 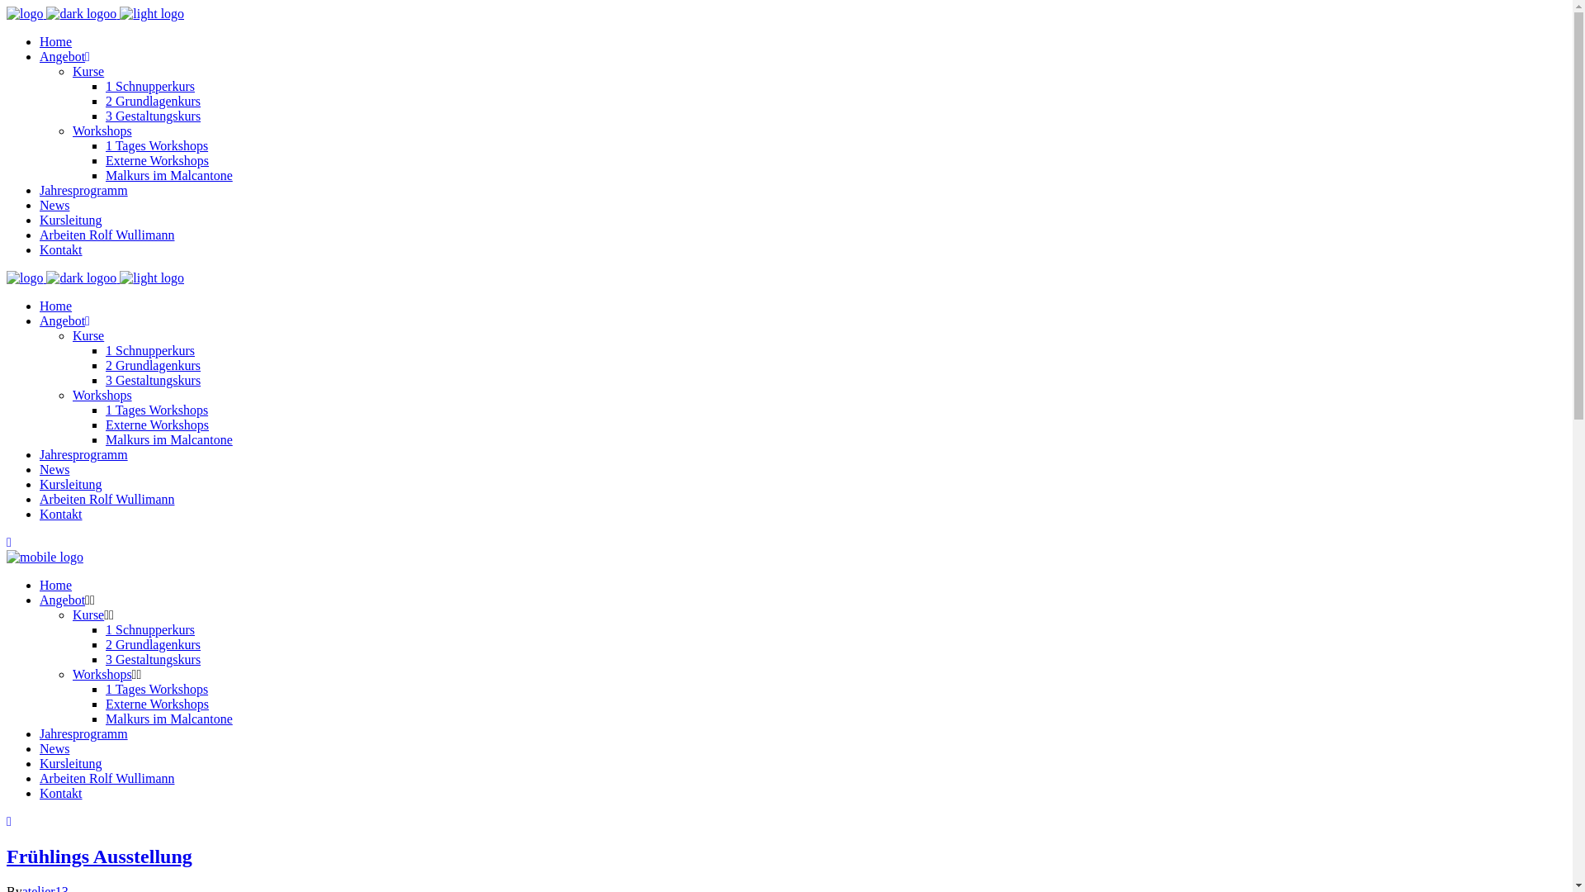 I want to click on 'Kurse', so click(x=71, y=70).